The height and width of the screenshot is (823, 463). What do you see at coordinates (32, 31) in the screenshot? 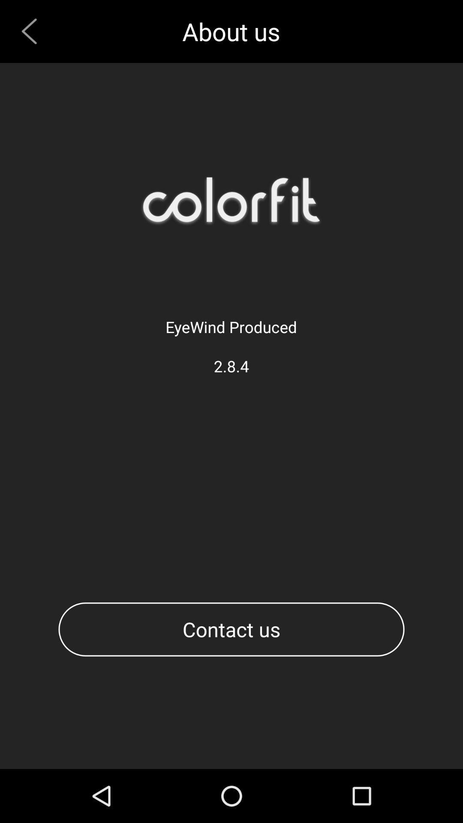
I see `icon next to the about us icon` at bounding box center [32, 31].